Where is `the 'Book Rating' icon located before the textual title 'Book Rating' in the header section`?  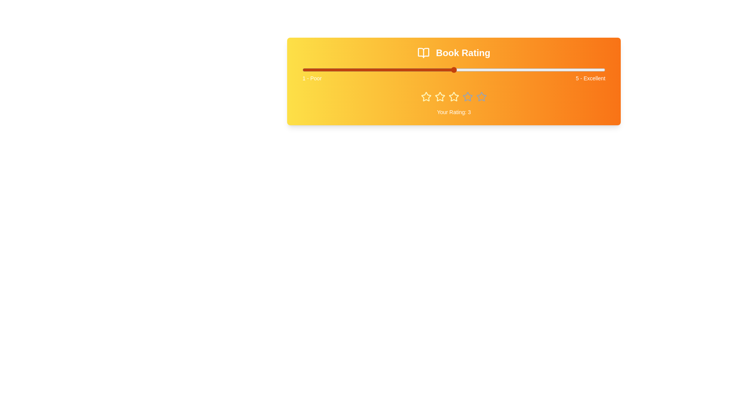 the 'Book Rating' icon located before the textual title 'Book Rating' in the header section is located at coordinates (423, 53).